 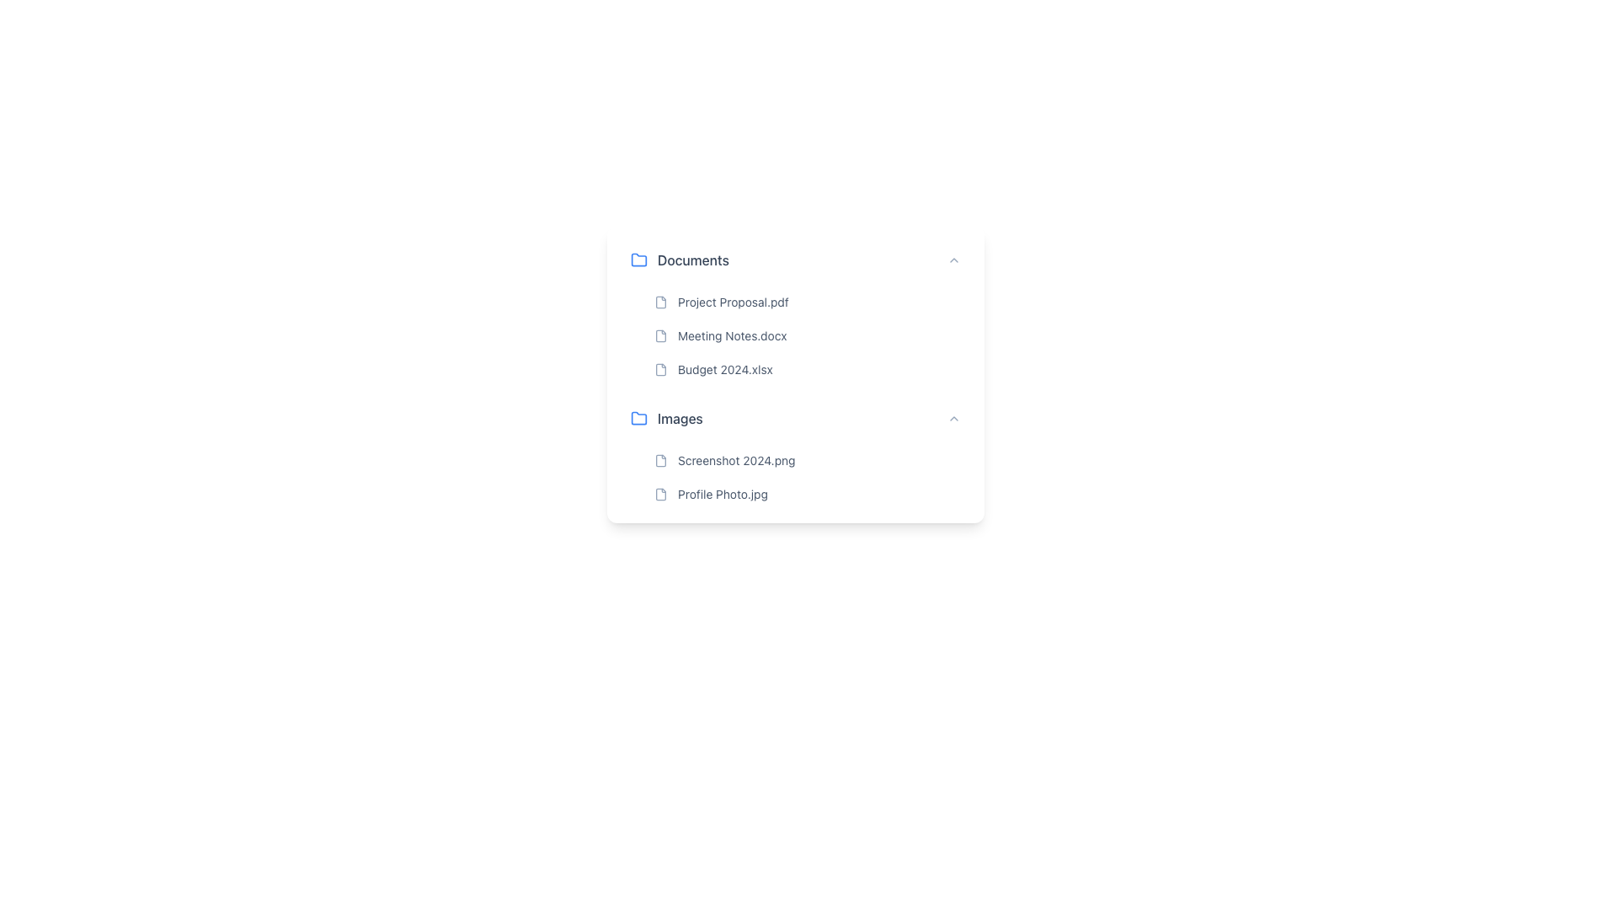 I want to click on the file icon representing 'Profile Photo.jpg' located in the 'Images' section, which is a small rectangular icon with a folded corner, so click(x=660, y=493).